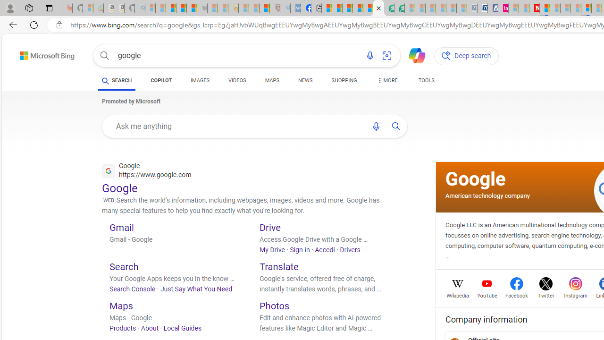 The height and width of the screenshot is (340, 604). Describe the element at coordinates (272, 249) in the screenshot. I see `'My Drive'` at that location.